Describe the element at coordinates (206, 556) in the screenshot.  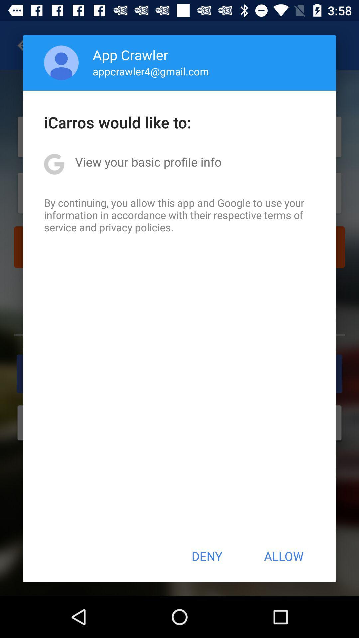
I see `the item to the left of the allow` at that location.